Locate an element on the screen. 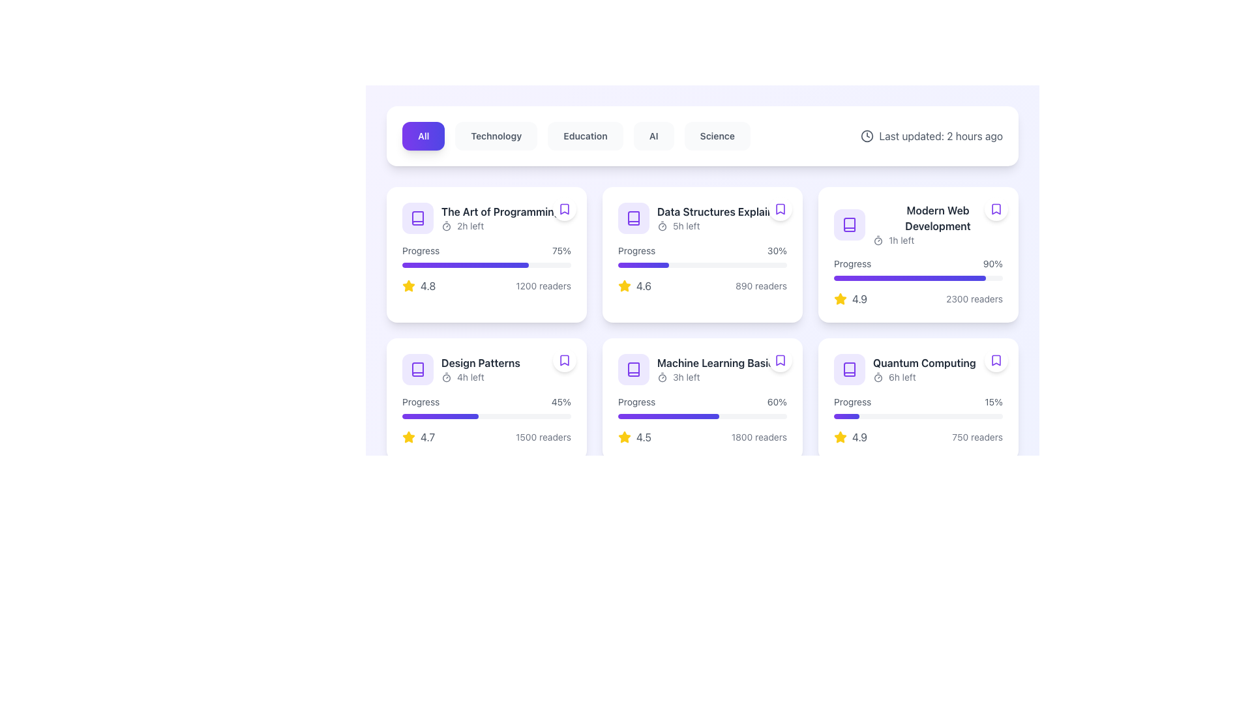  'Progress' text label located within the 'Quantum Computing' card, positioned above the progress bar and aligned left to the '15%' text is located at coordinates (852, 402).